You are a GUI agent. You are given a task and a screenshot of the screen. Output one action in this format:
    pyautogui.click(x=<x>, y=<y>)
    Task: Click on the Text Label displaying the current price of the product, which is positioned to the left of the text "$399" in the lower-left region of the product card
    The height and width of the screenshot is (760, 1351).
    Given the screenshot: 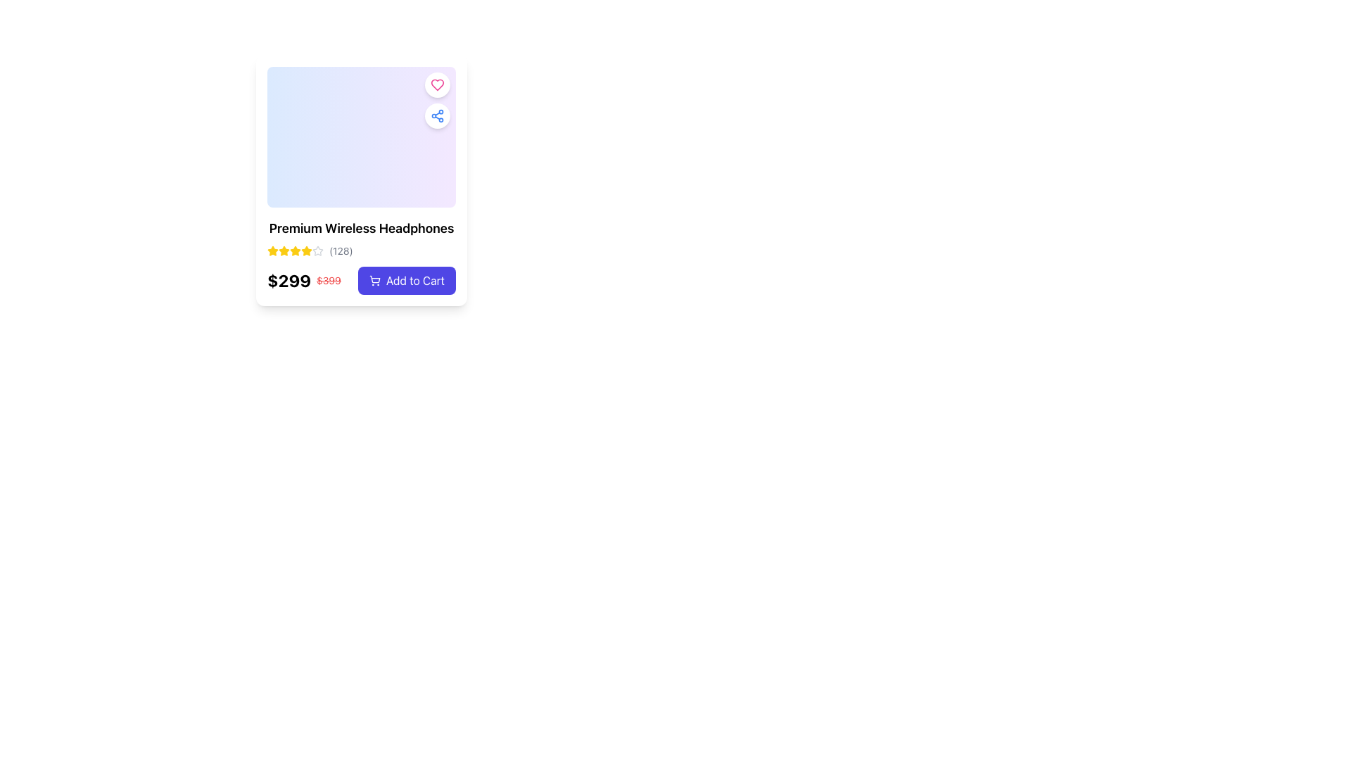 What is the action you would take?
    pyautogui.click(x=288, y=280)
    